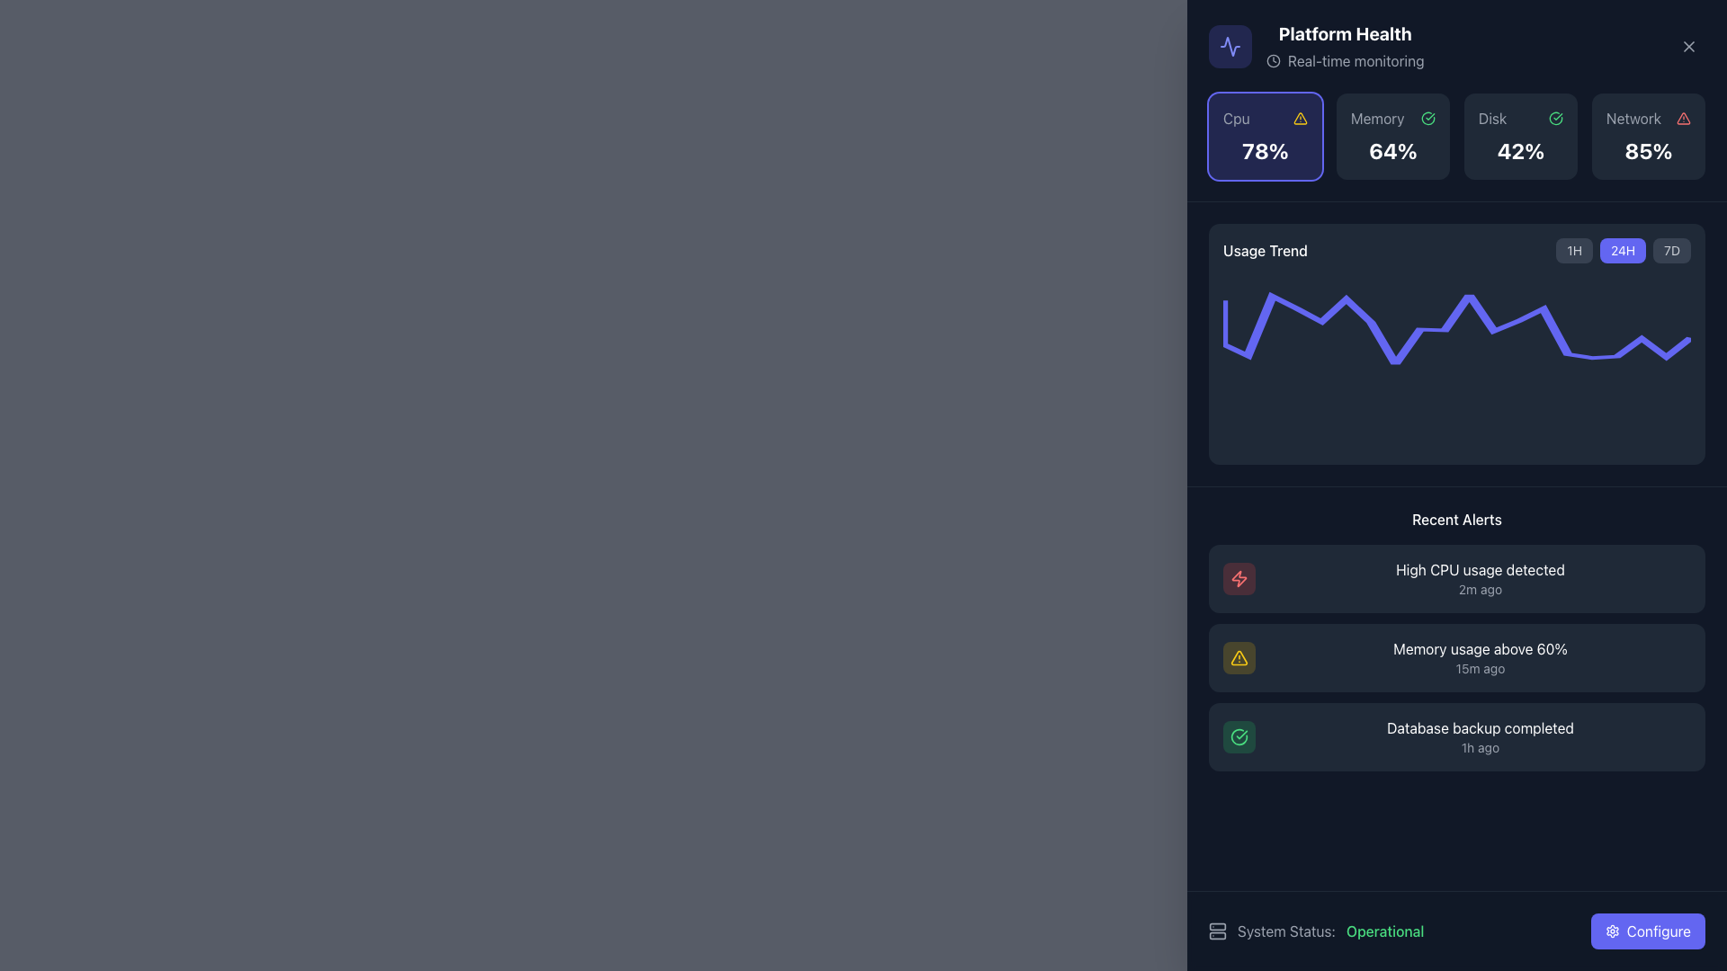 The width and height of the screenshot is (1727, 971). I want to click on the rounded rectangular blue button labeled 'Configure' with a gear icon, so click(1648, 931).